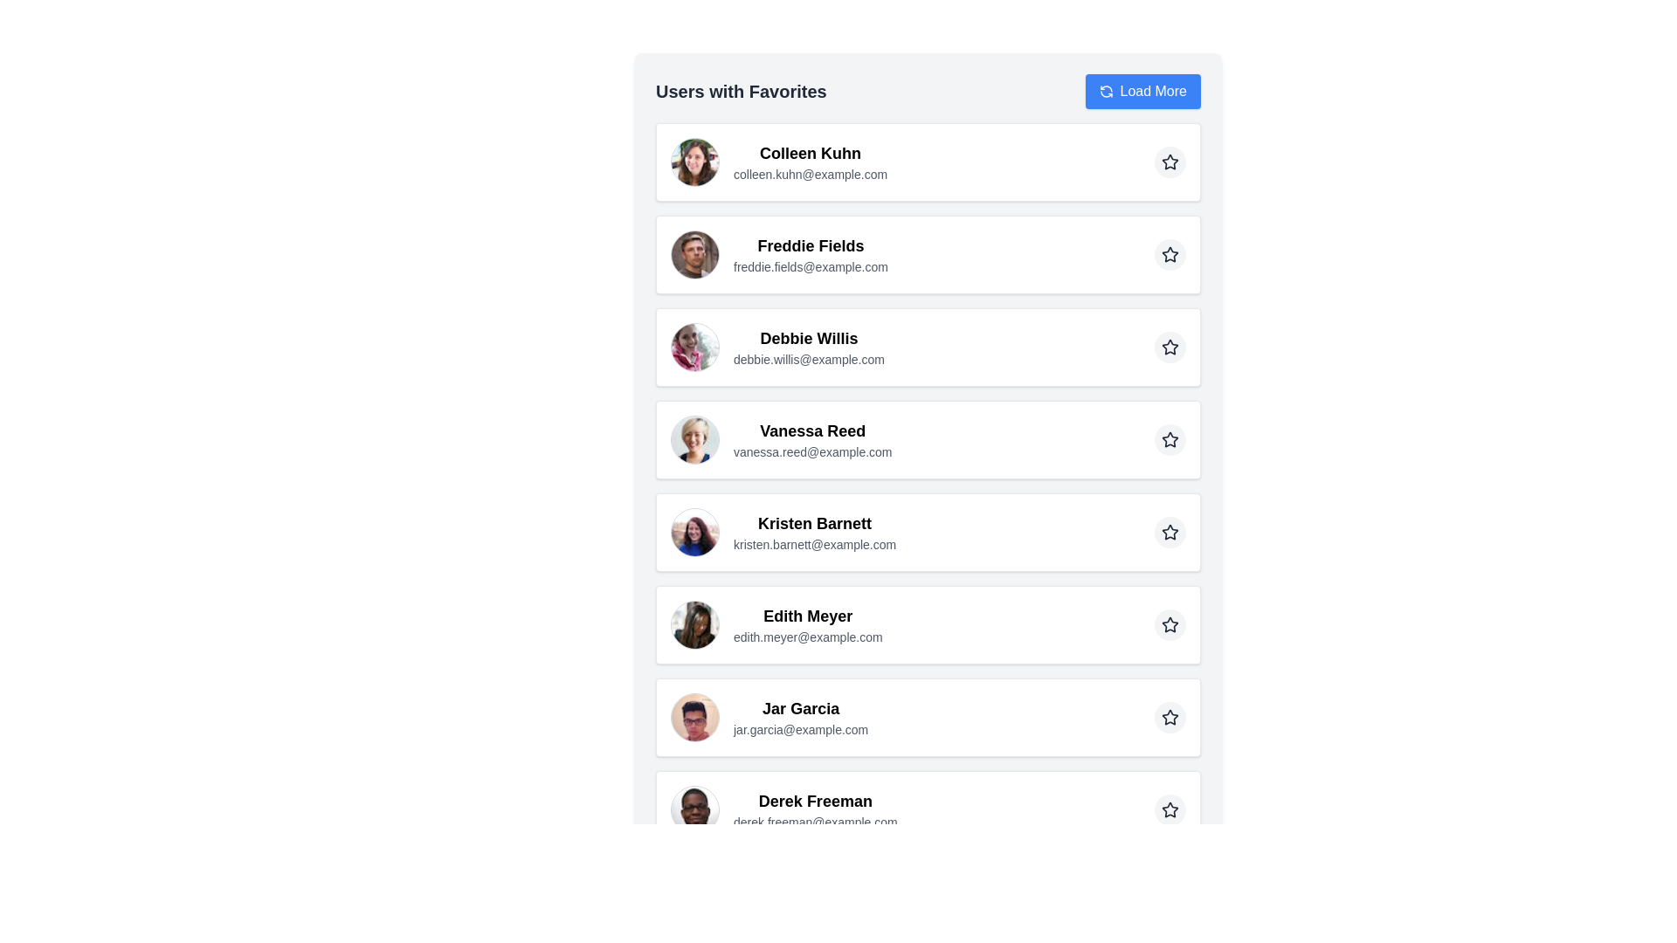  Describe the element at coordinates (808, 339) in the screenshot. I see `the bold text label displaying the name 'Debbie Willis', which is the third entry in the vertical list under 'Users with Favorites'. This label is positioned above the email address and to the right of the avatar image` at that location.